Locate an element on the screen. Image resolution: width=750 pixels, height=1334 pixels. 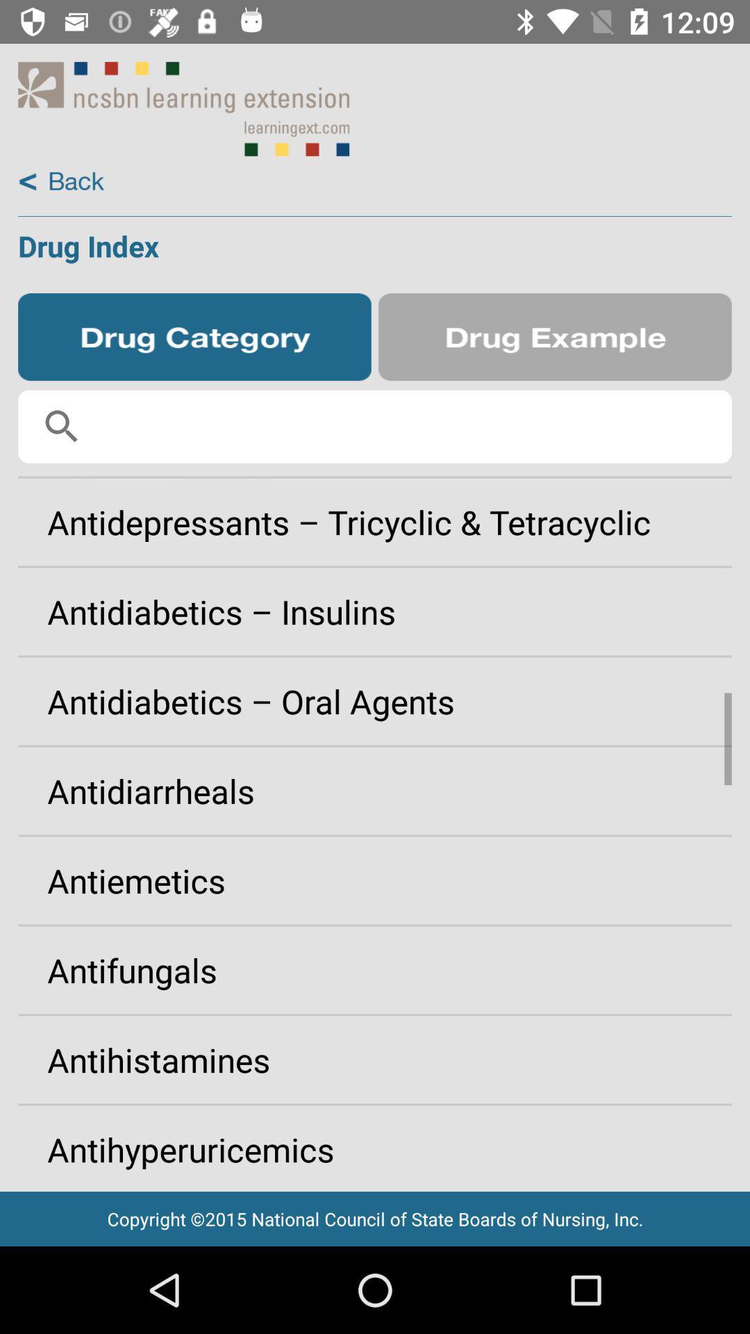
the antiemetics icon is located at coordinates (375, 880).